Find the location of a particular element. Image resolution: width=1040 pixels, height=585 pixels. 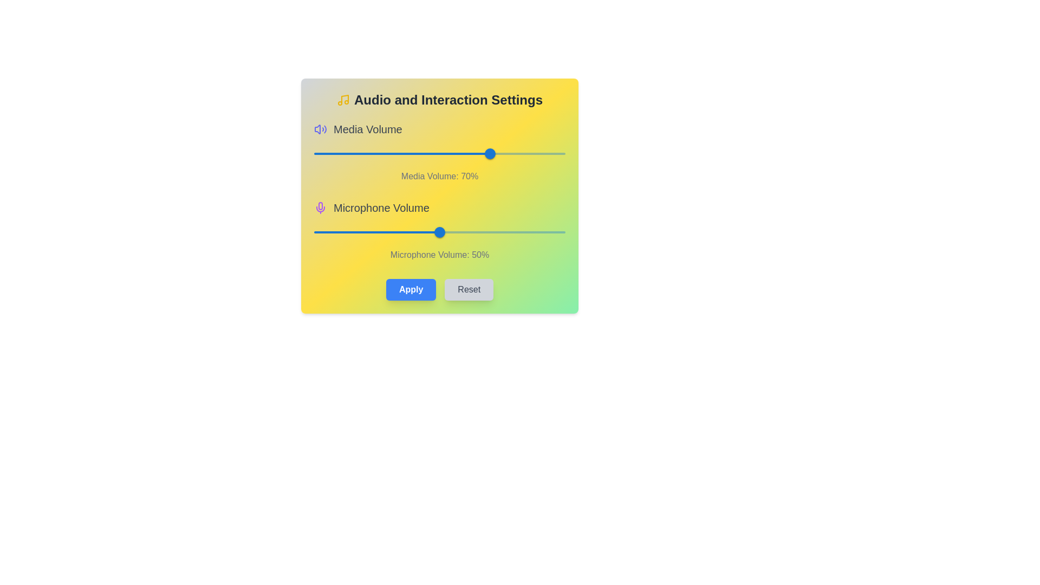

the active range of the microphone slider track, which is a red linear component indicating the selected volume level, located beneath the 'Microphone Volume' label is located at coordinates (377, 231).